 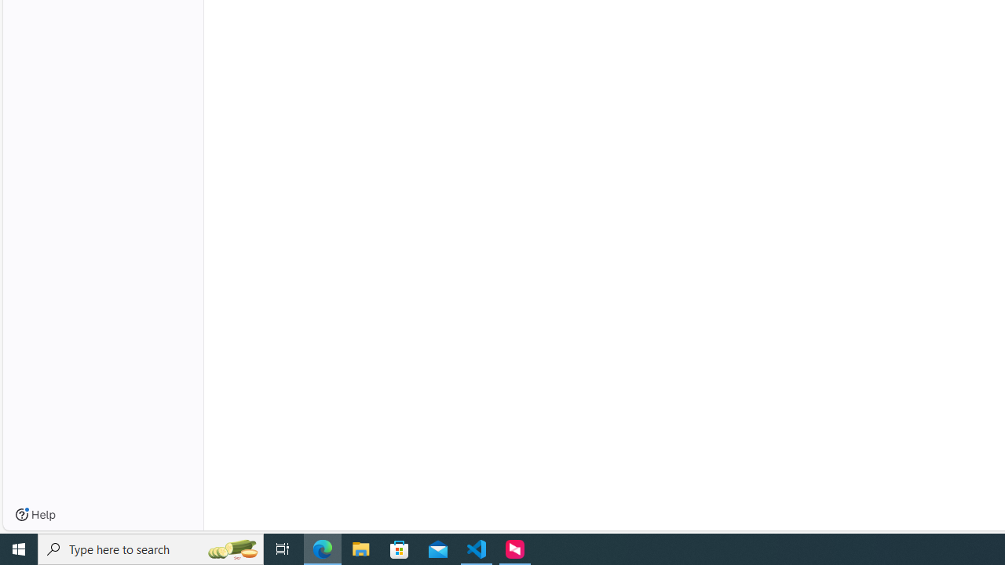 What do you see at coordinates (400, 548) in the screenshot?
I see `'Microsoft Store'` at bounding box center [400, 548].